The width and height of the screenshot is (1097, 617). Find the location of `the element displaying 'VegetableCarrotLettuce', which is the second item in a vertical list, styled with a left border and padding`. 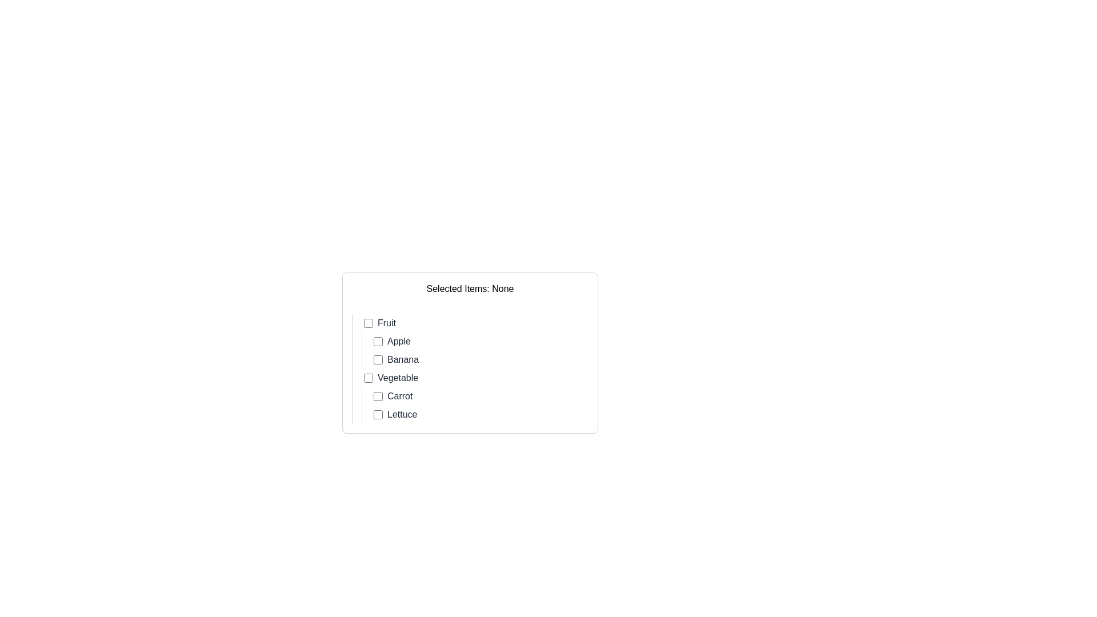

the element displaying 'VegetableCarrotLettuce', which is the second item in a vertical list, styled with a left border and padding is located at coordinates (470, 396).